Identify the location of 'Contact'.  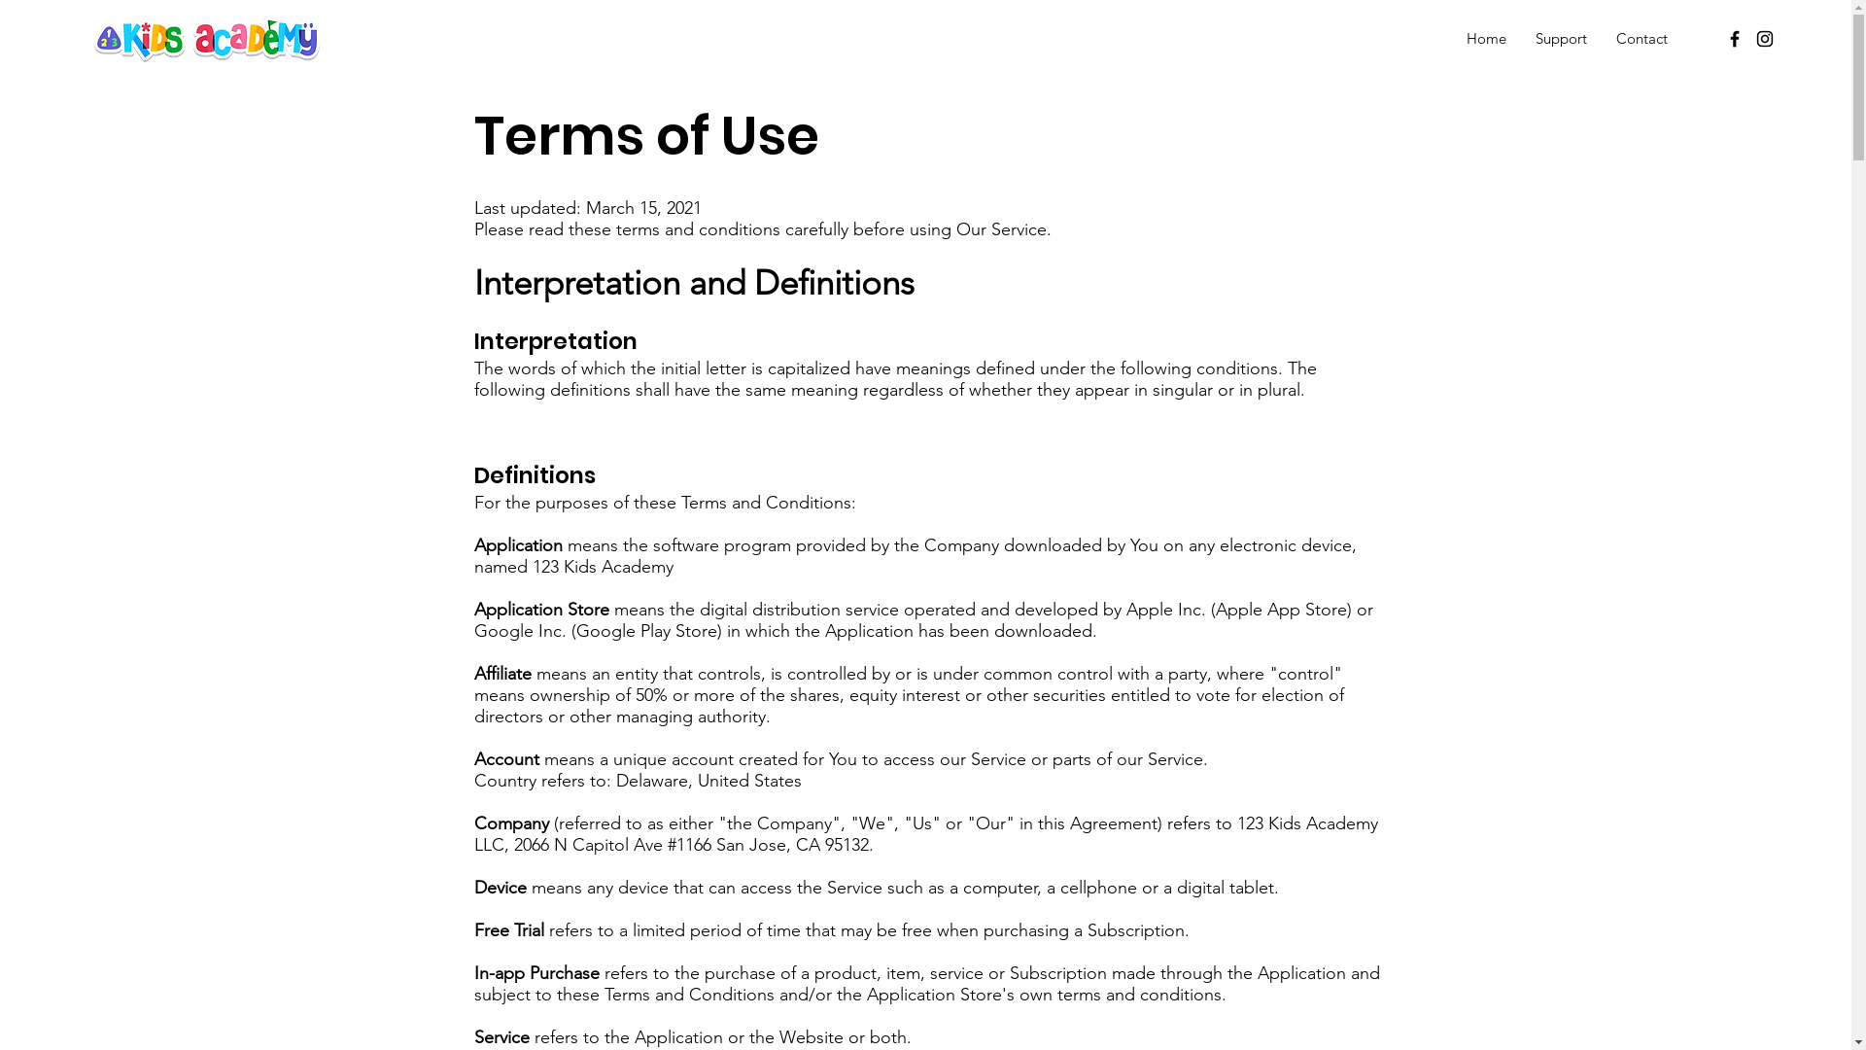
(1641, 38).